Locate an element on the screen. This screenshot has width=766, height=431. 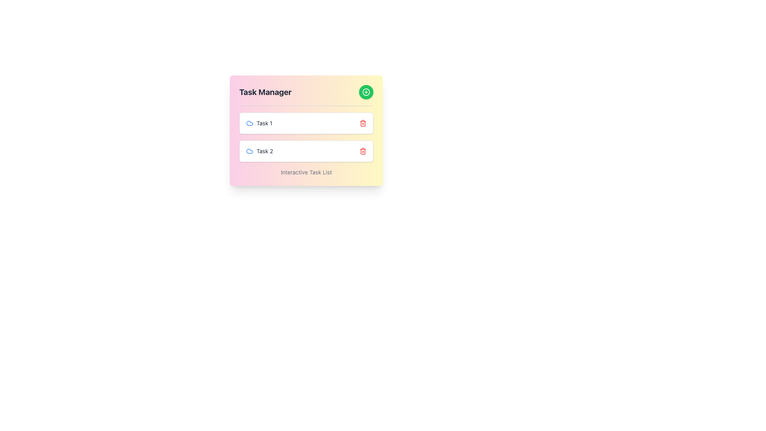
the red trash bin icon button representing the delete action for 'Task 2' in the 'Task Manager' panel is located at coordinates (363, 151).